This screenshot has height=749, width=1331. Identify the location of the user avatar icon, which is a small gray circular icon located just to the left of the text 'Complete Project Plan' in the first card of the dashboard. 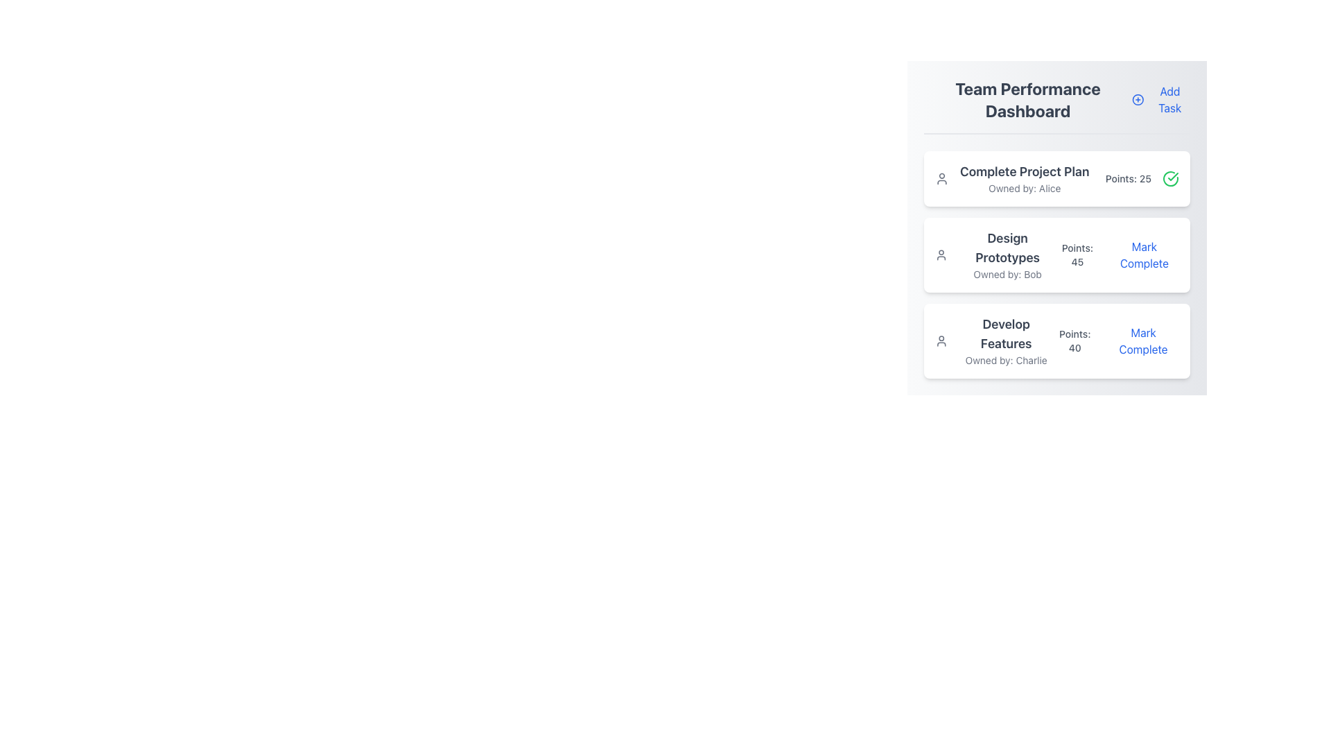
(941, 178).